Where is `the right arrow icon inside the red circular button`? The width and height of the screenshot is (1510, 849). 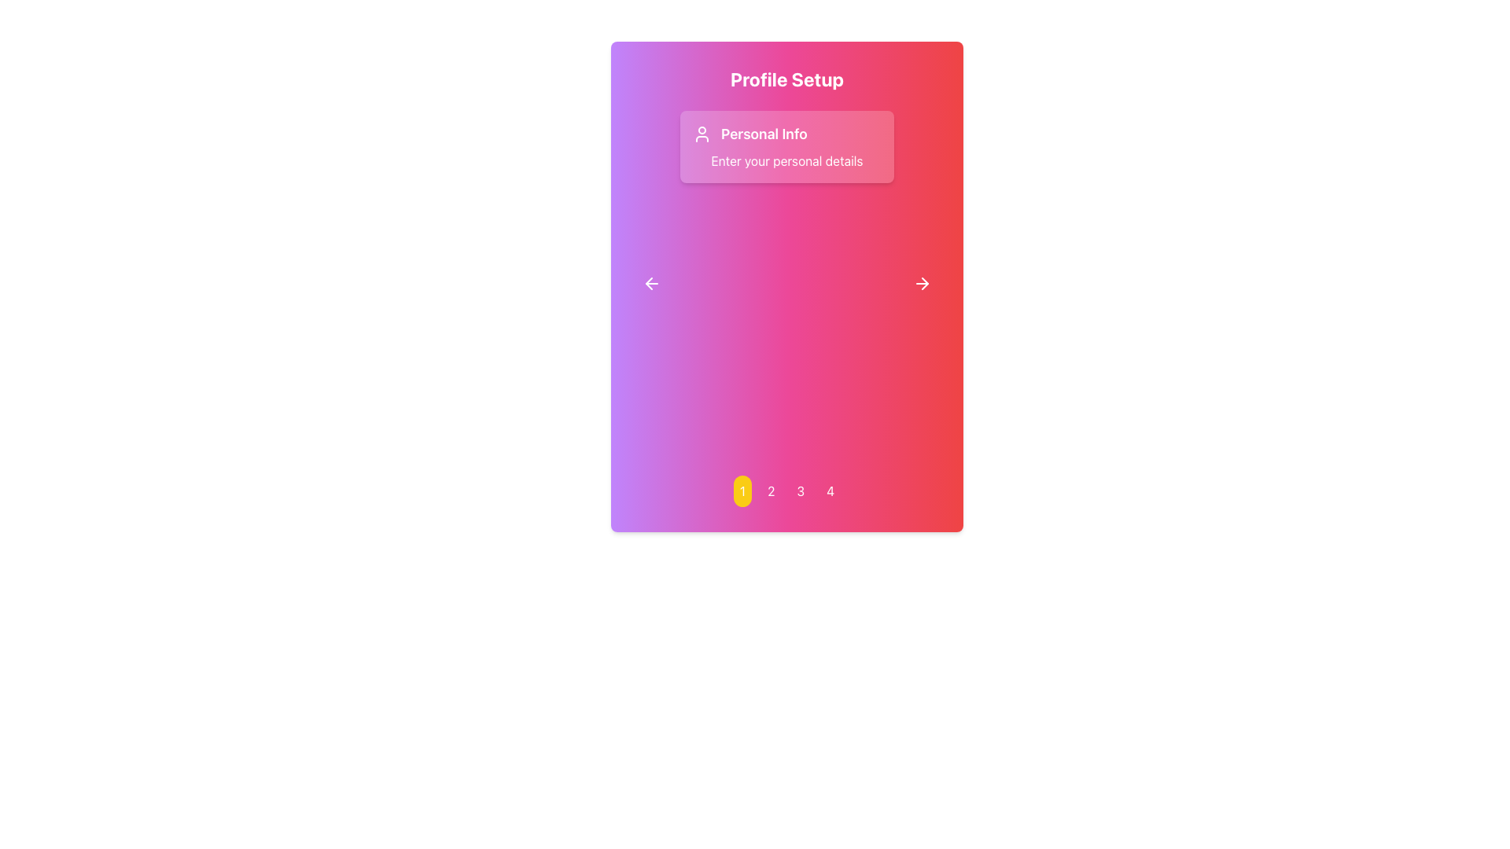 the right arrow icon inside the red circular button is located at coordinates (922, 284).